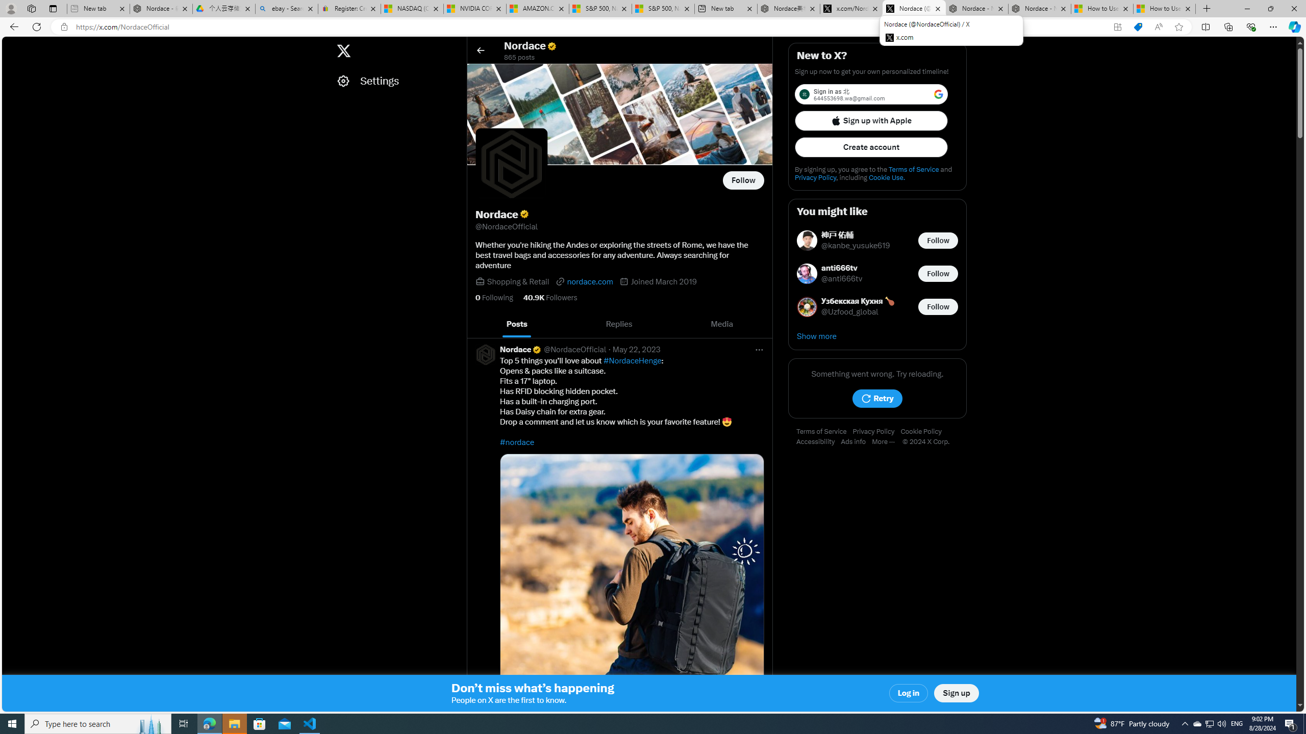 Image resolution: width=1306 pixels, height=734 pixels. Describe the element at coordinates (842, 268) in the screenshot. I see `'anti666tv'` at that location.